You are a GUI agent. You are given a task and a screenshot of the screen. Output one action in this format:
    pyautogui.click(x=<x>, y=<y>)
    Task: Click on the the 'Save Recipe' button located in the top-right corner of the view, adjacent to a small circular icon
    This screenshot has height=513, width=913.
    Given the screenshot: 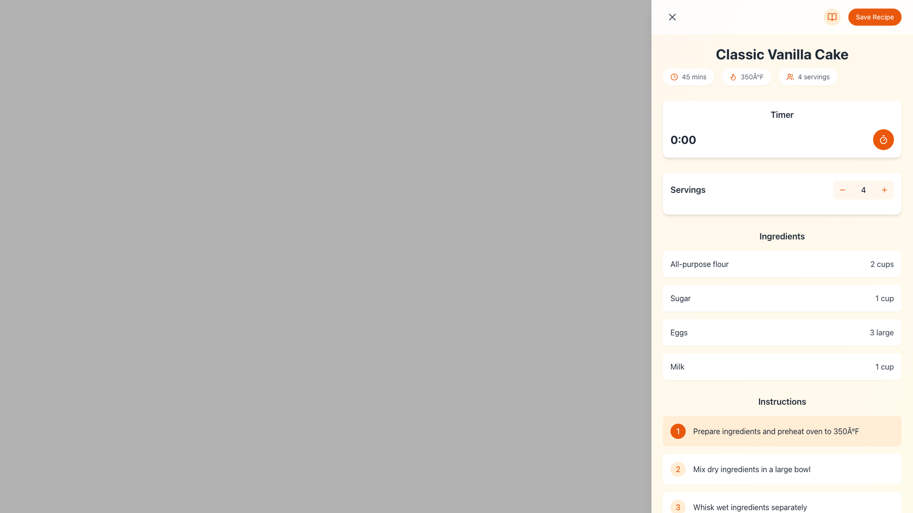 What is the action you would take?
    pyautogui.click(x=862, y=17)
    